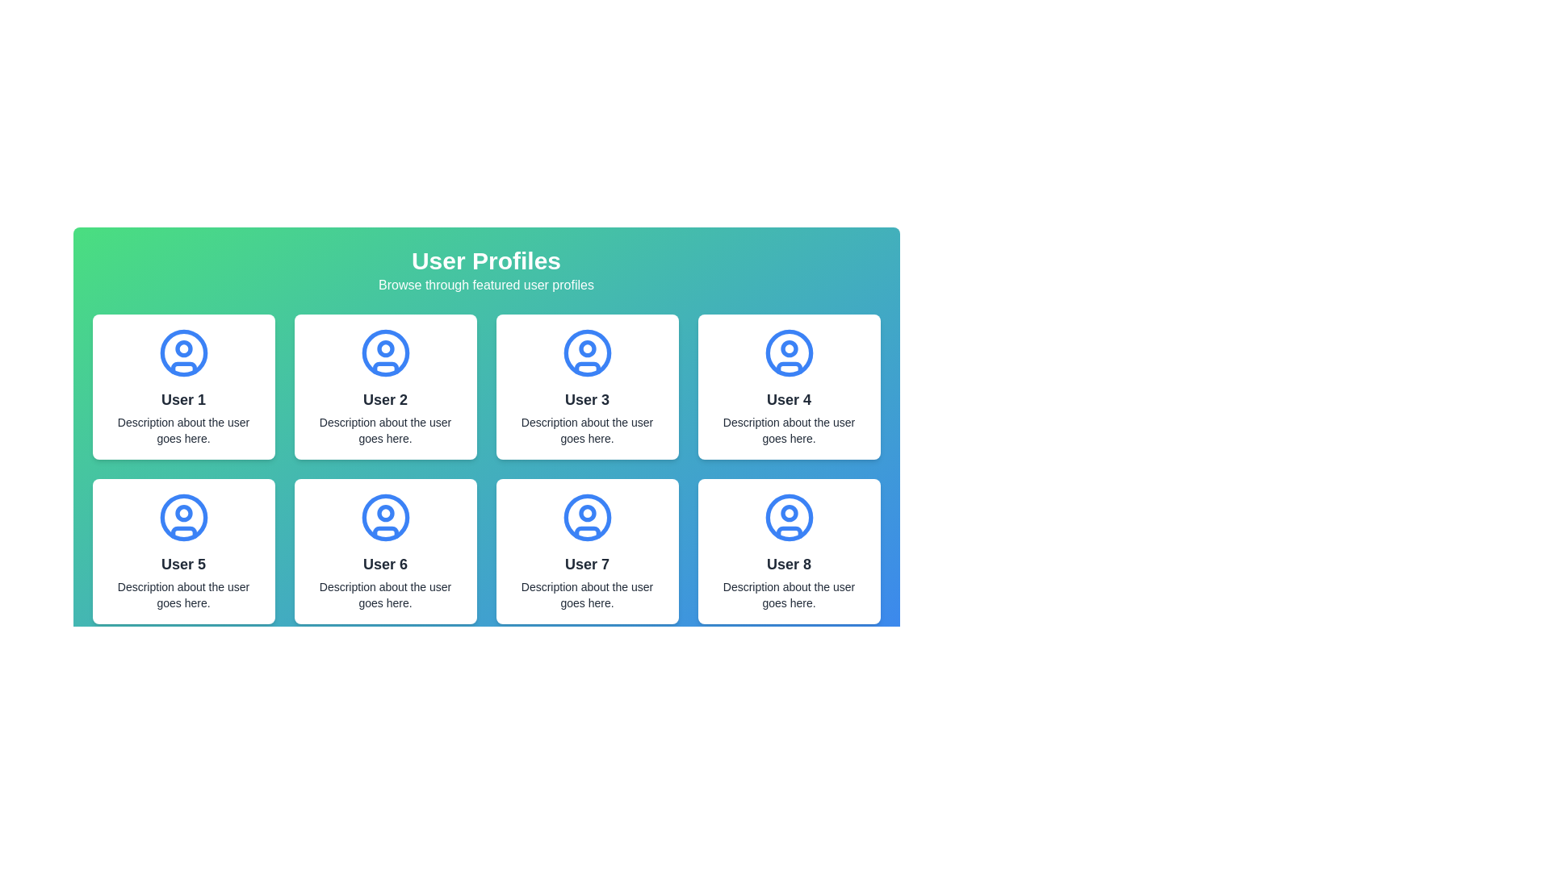 The height and width of the screenshot is (871, 1550). Describe the element at coordinates (183, 517) in the screenshot. I see `the user profile SVG icon associated with 'User 5' in the second row and first column of the grid` at that location.